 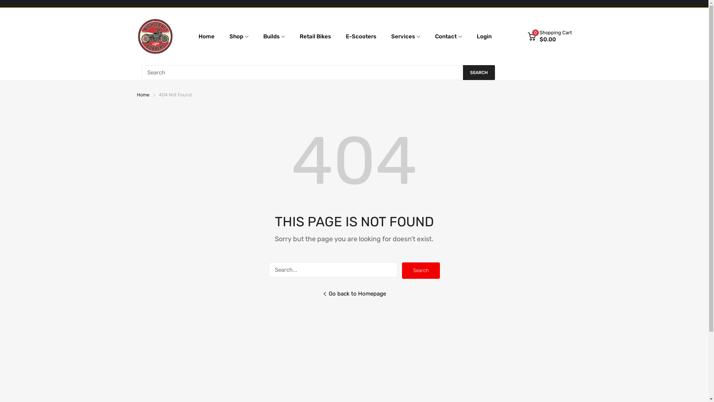 What do you see at coordinates (478, 73) in the screenshot?
I see `'SEARCH'` at bounding box center [478, 73].